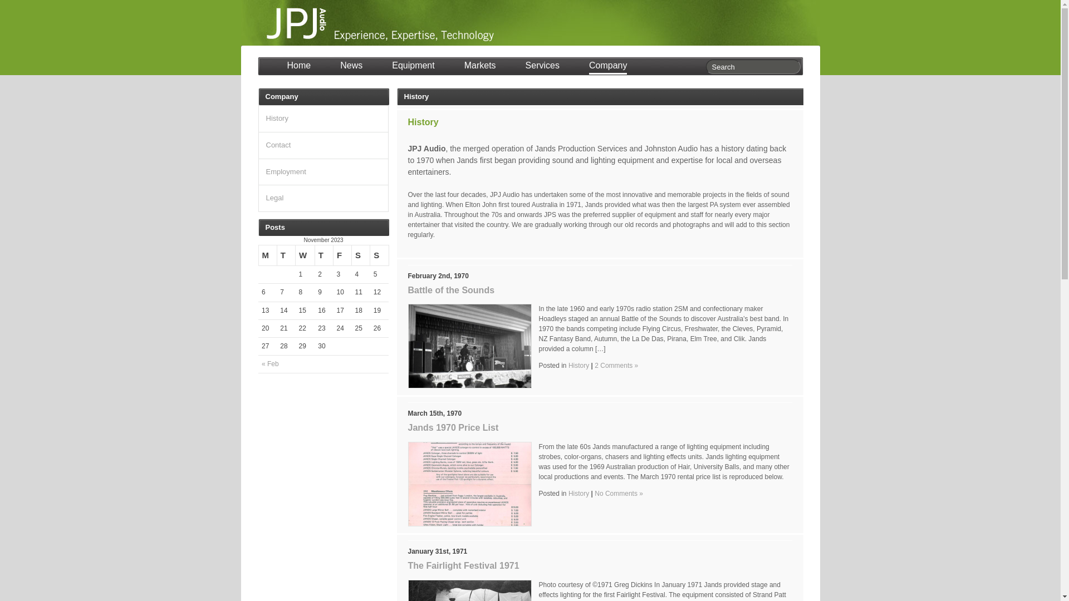 This screenshot has height=601, width=1069. What do you see at coordinates (392, 67) in the screenshot?
I see `'Equipment'` at bounding box center [392, 67].